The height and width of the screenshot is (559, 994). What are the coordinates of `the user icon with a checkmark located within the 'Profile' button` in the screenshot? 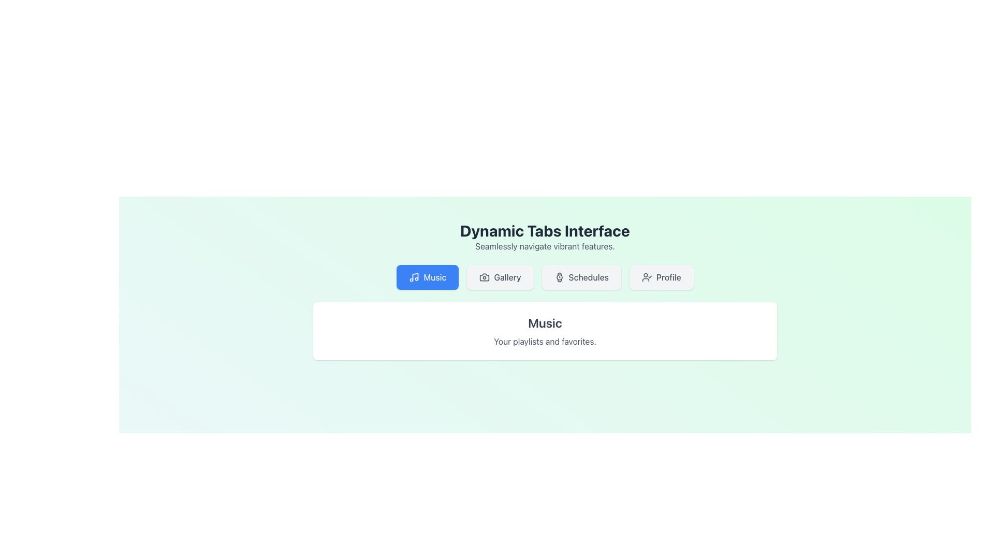 It's located at (646, 277).